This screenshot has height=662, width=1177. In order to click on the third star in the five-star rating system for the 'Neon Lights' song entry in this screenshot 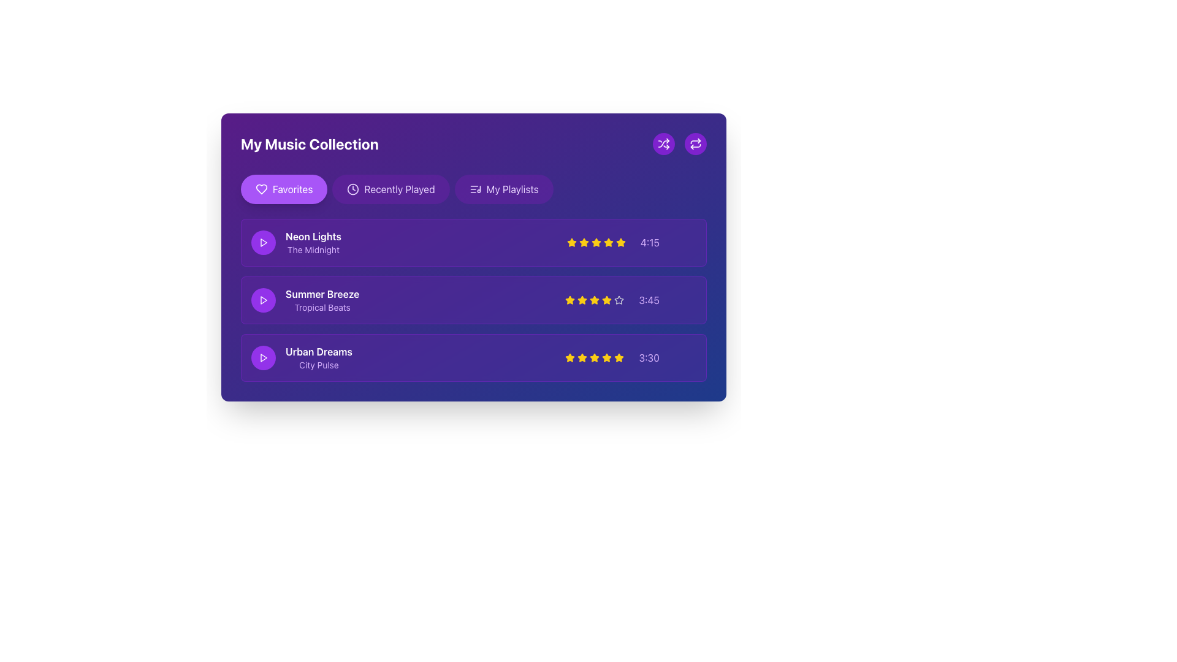, I will do `click(583, 243)`.